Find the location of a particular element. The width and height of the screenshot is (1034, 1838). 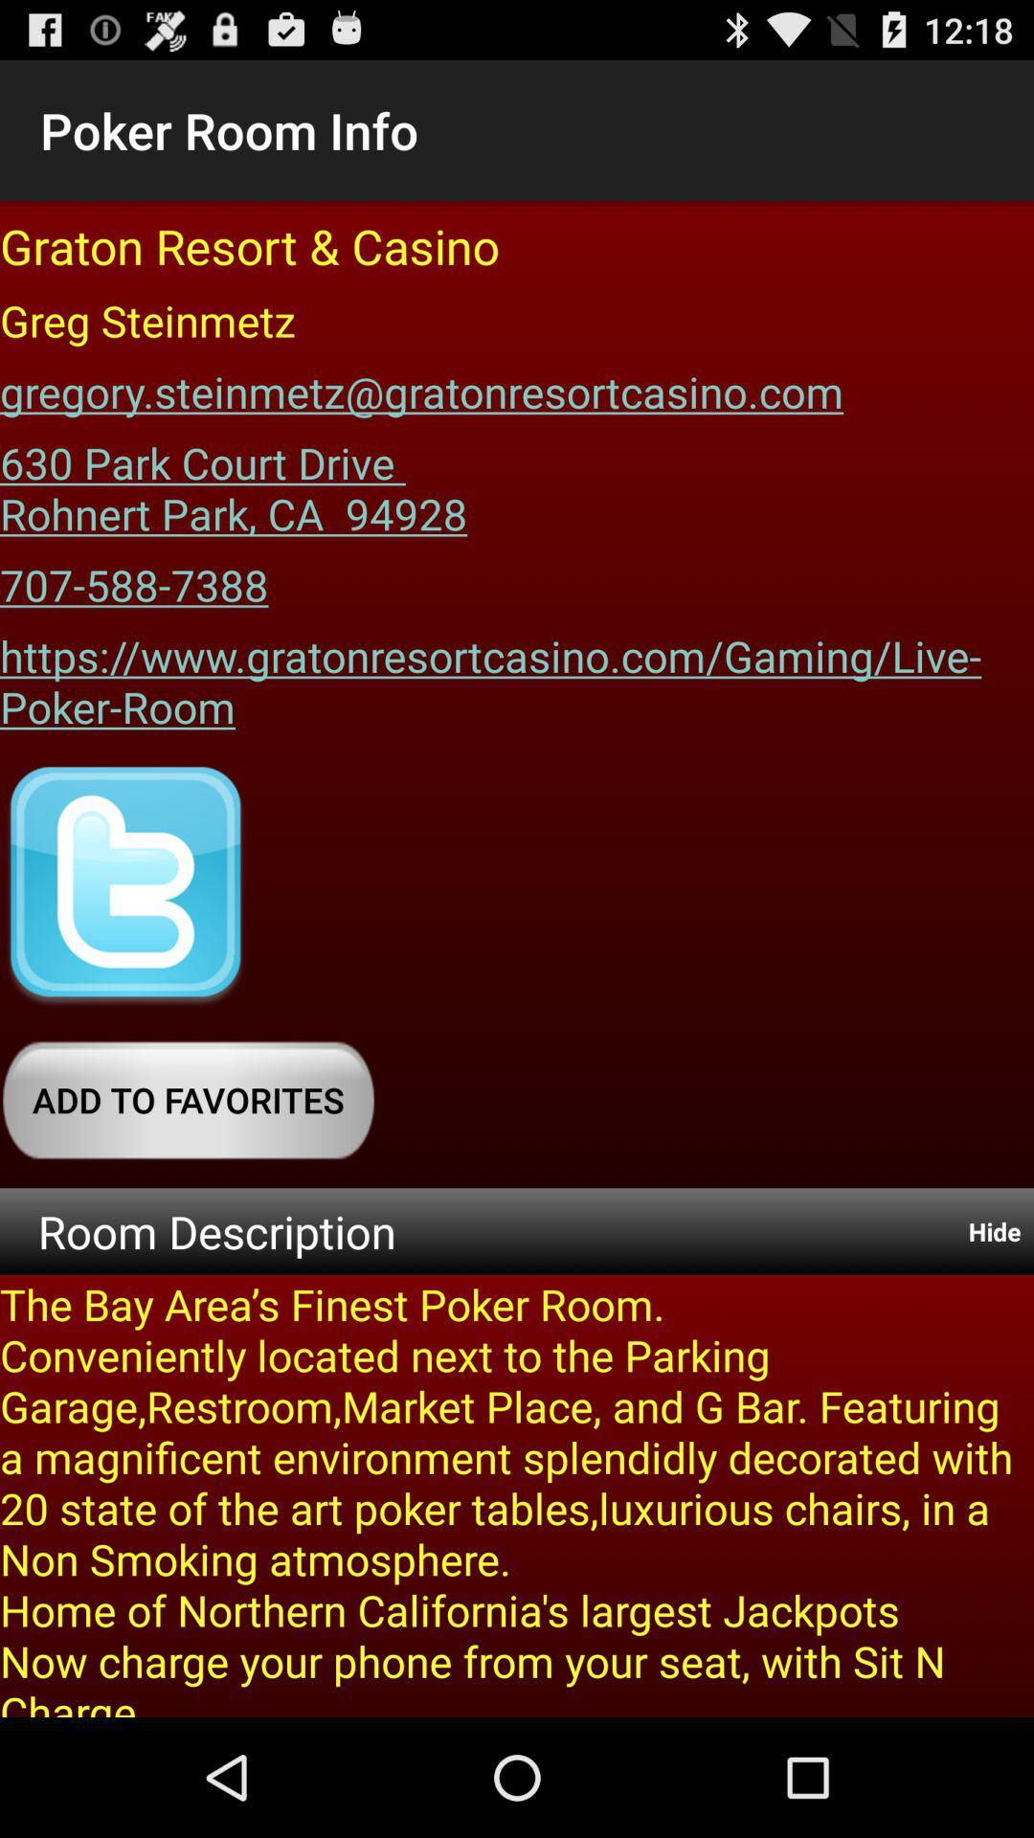

the item below the gregory steinmetz gratonresortcasino item is located at coordinates (233, 482).